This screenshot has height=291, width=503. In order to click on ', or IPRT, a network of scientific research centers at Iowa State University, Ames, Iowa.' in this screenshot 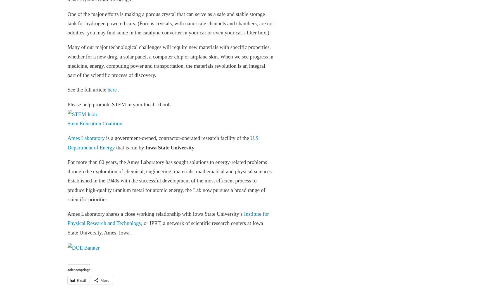, I will do `click(165, 227)`.